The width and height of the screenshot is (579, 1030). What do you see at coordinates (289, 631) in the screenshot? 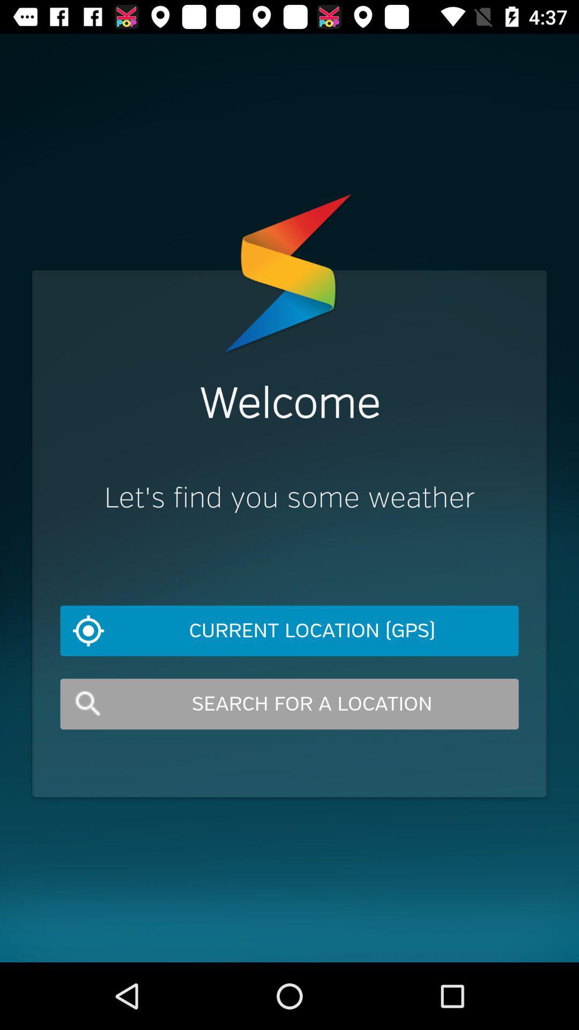
I see `icon below let s find item` at bounding box center [289, 631].